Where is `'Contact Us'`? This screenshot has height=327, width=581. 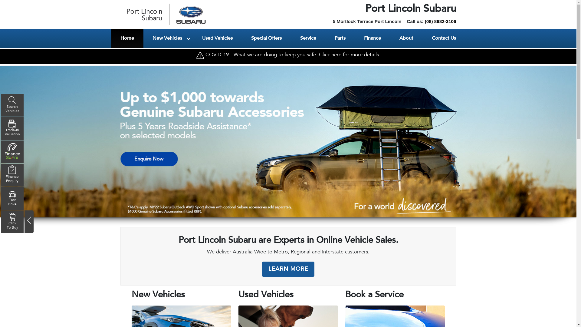 'Contact Us' is located at coordinates (444, 38).